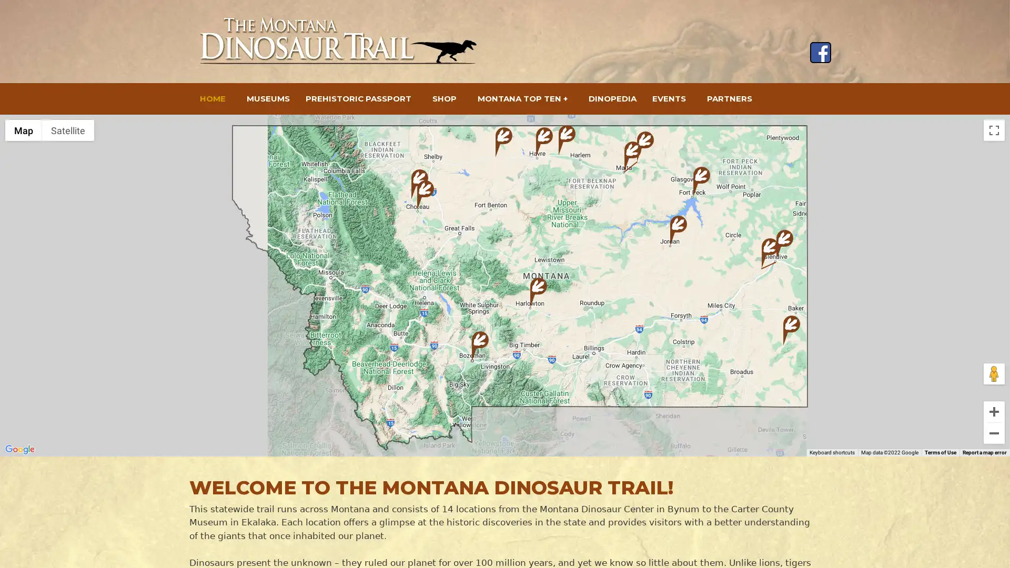 The image size is (1010, 568). Describe the element at coordinates (770, 253) in the screenshot. I see `Makoshika State Park` at that location.